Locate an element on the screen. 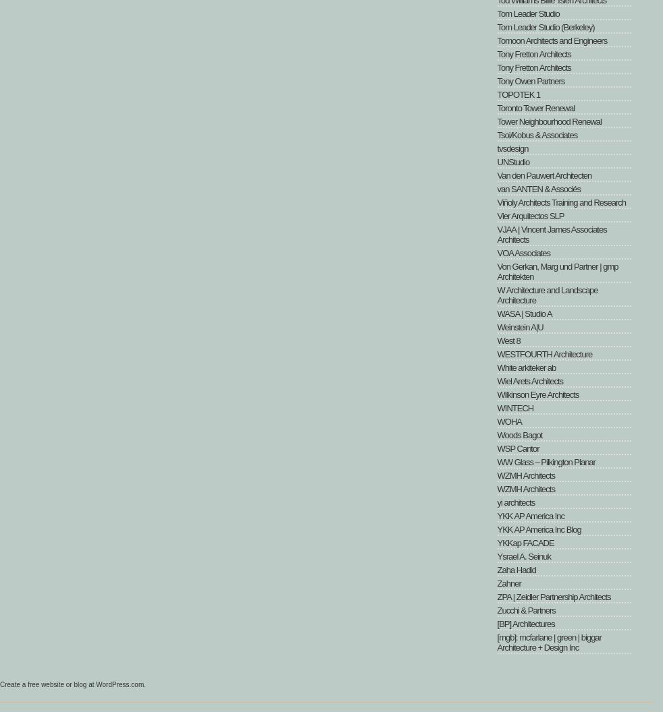 Image resolution: width=663 pixels, height=712 pixels. '[mgb]: mcfarlane | green | biggar Architecture + Design Inc' is located at coordinates (548, 643).